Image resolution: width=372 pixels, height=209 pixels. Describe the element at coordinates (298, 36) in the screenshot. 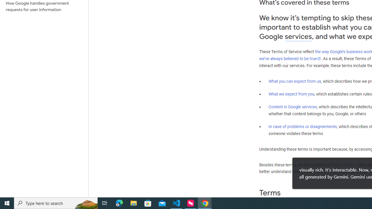

I see `'services'` at that location.